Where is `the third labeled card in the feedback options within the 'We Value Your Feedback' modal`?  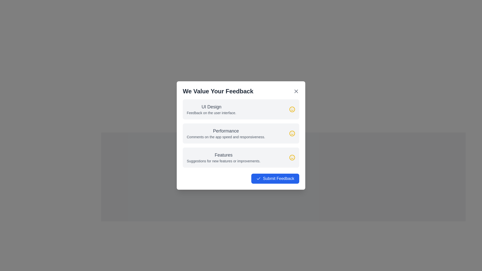
the third labeled card in the feedback options within the 'We Value Your Feedback' modal is located at coordinates (223, 157).